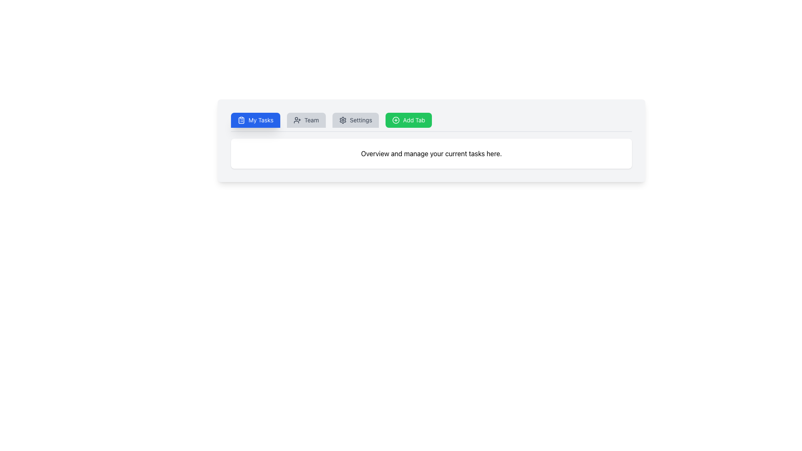 This screenshot has height=451, width=802. What do you see at coordinates (311, 120) in the screenshot?
I see `the 'Team' text label located in the top navigation bar, positioned to the right of the user icon and between the 'My Tasks' and 'Settings' buttons` at bounding box center [311, 120].